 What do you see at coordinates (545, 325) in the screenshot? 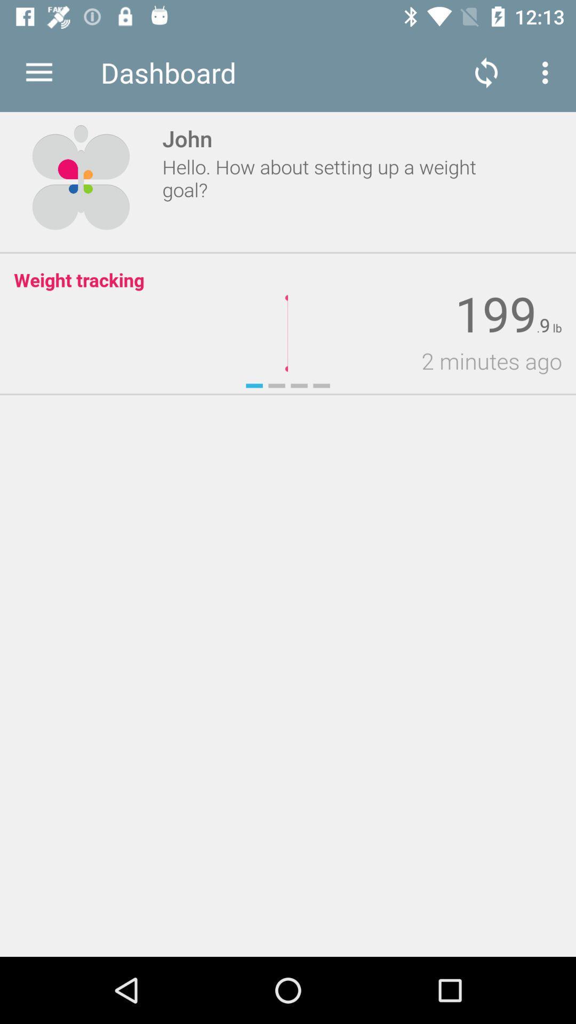
I see `9 icon` at bounding box center [545, 325].